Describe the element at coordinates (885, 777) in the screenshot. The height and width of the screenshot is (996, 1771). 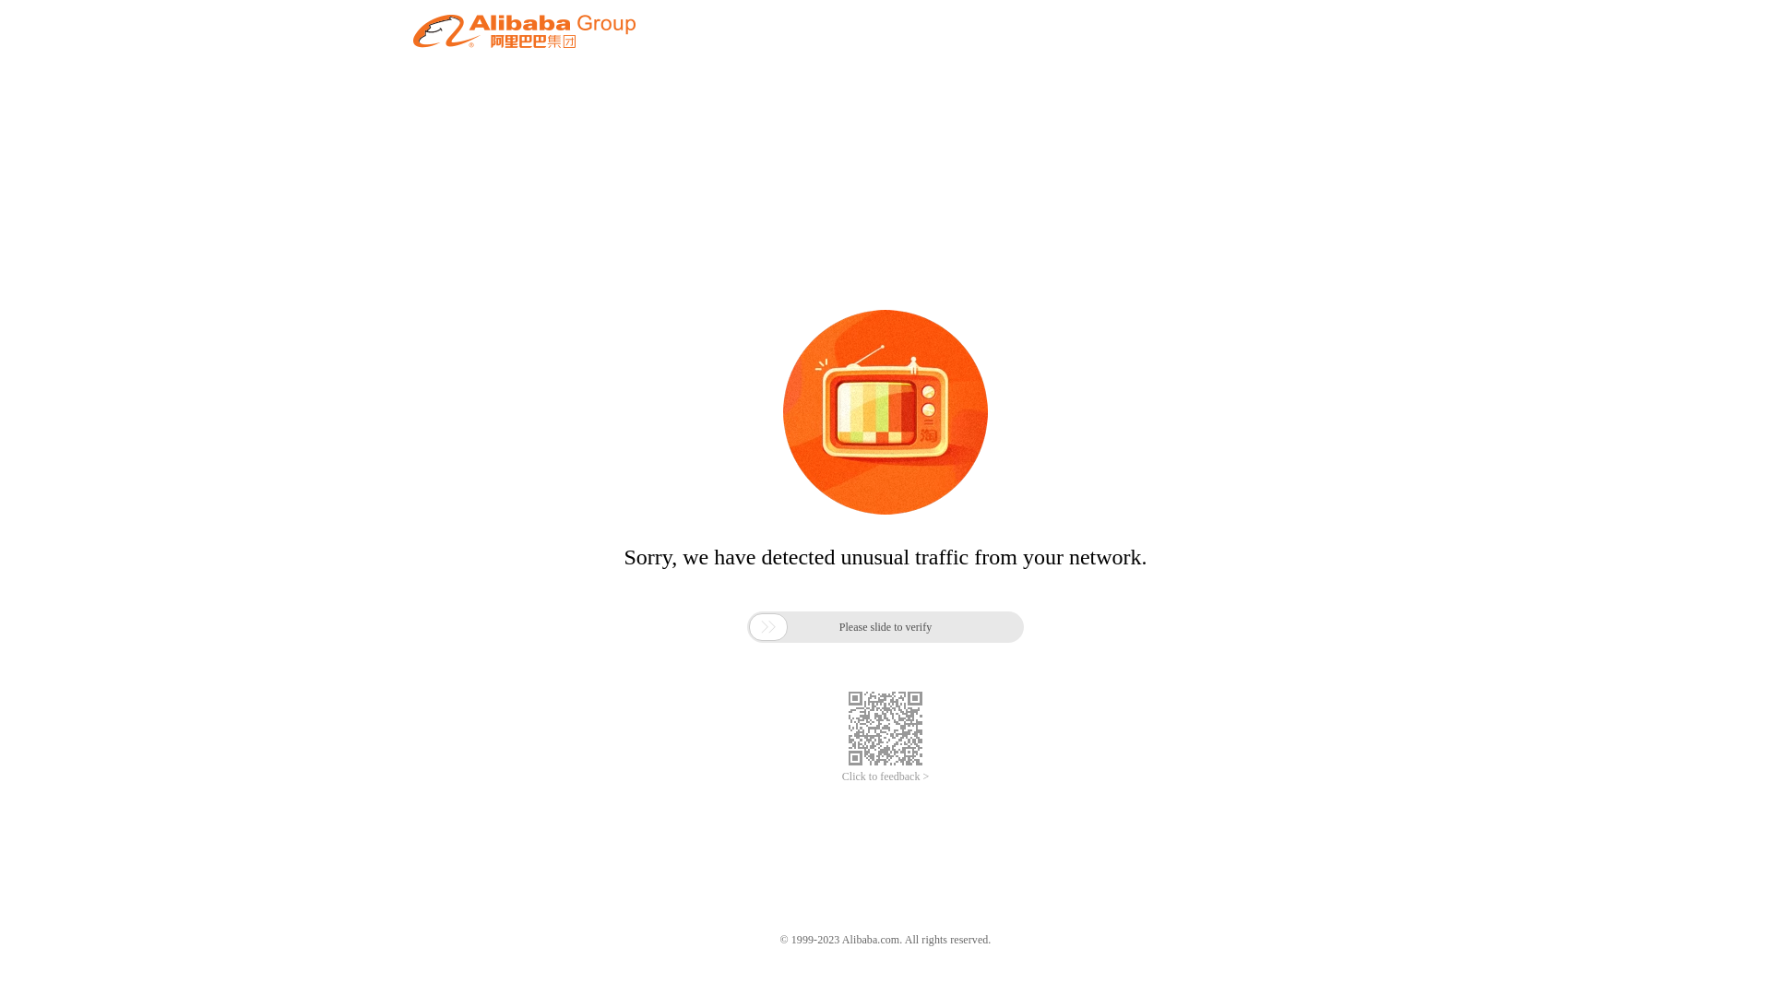
I see `'Click to feedback >'` at that location.